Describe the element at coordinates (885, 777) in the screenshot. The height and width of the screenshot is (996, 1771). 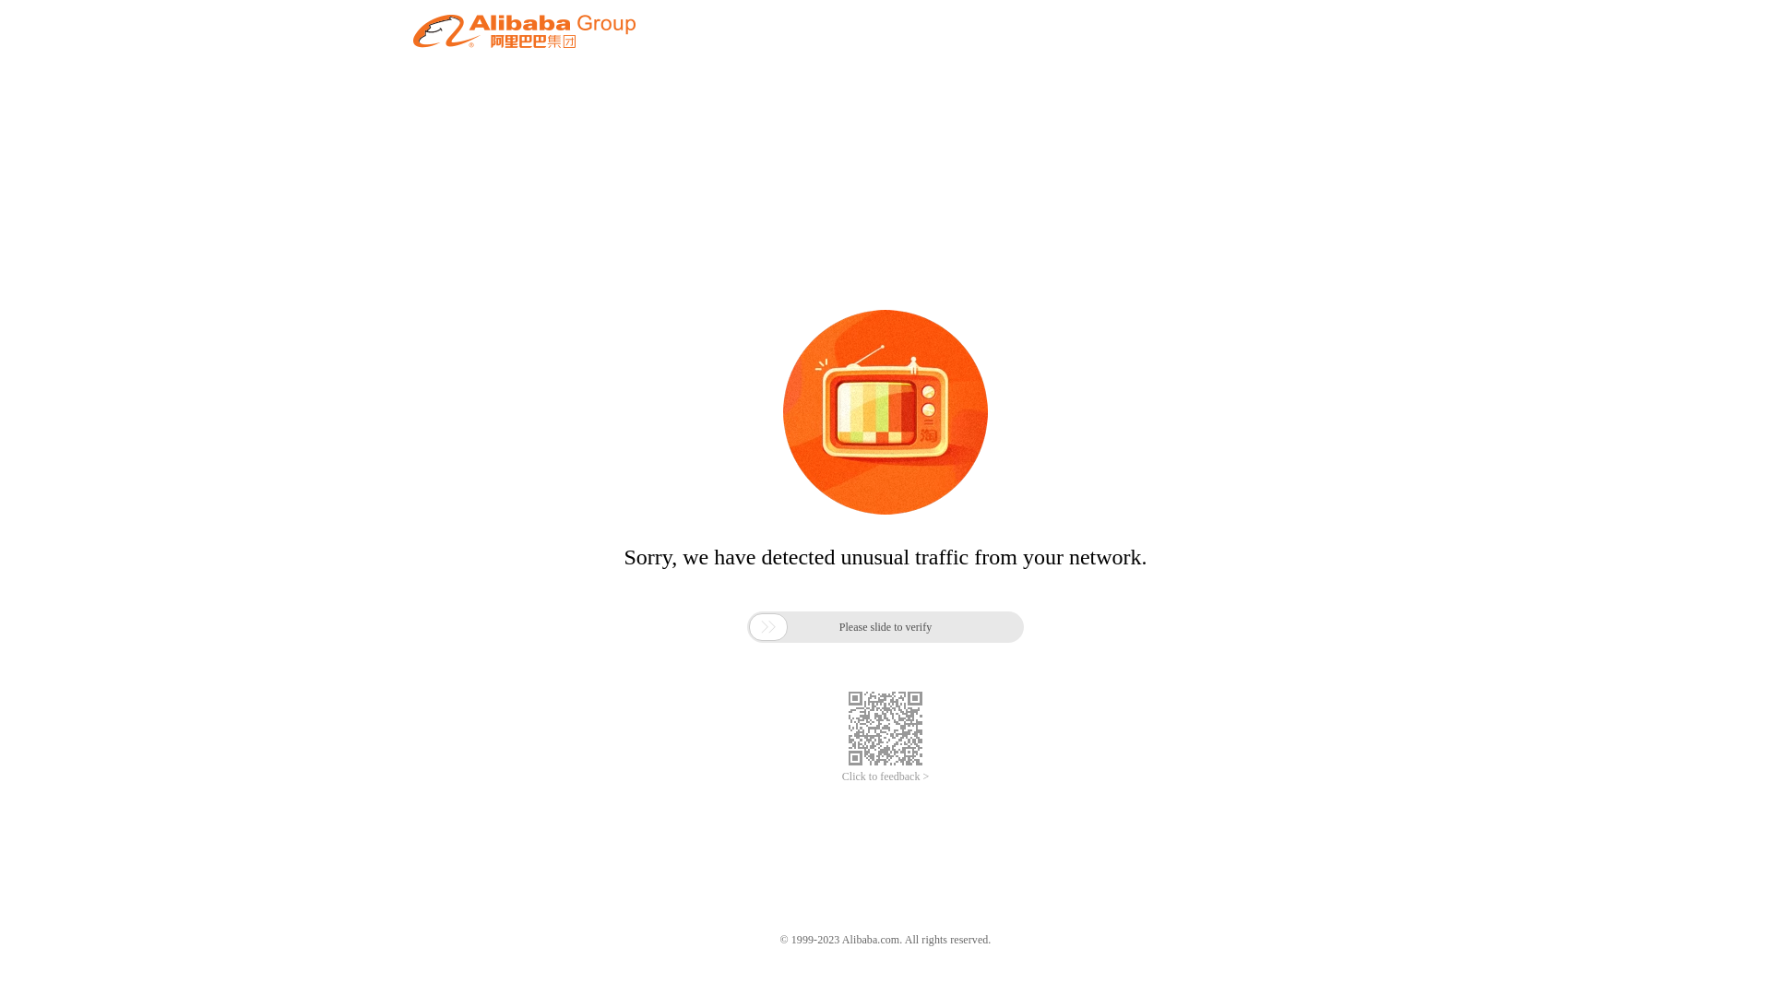
I see `'Click to feedback >'` at that location.